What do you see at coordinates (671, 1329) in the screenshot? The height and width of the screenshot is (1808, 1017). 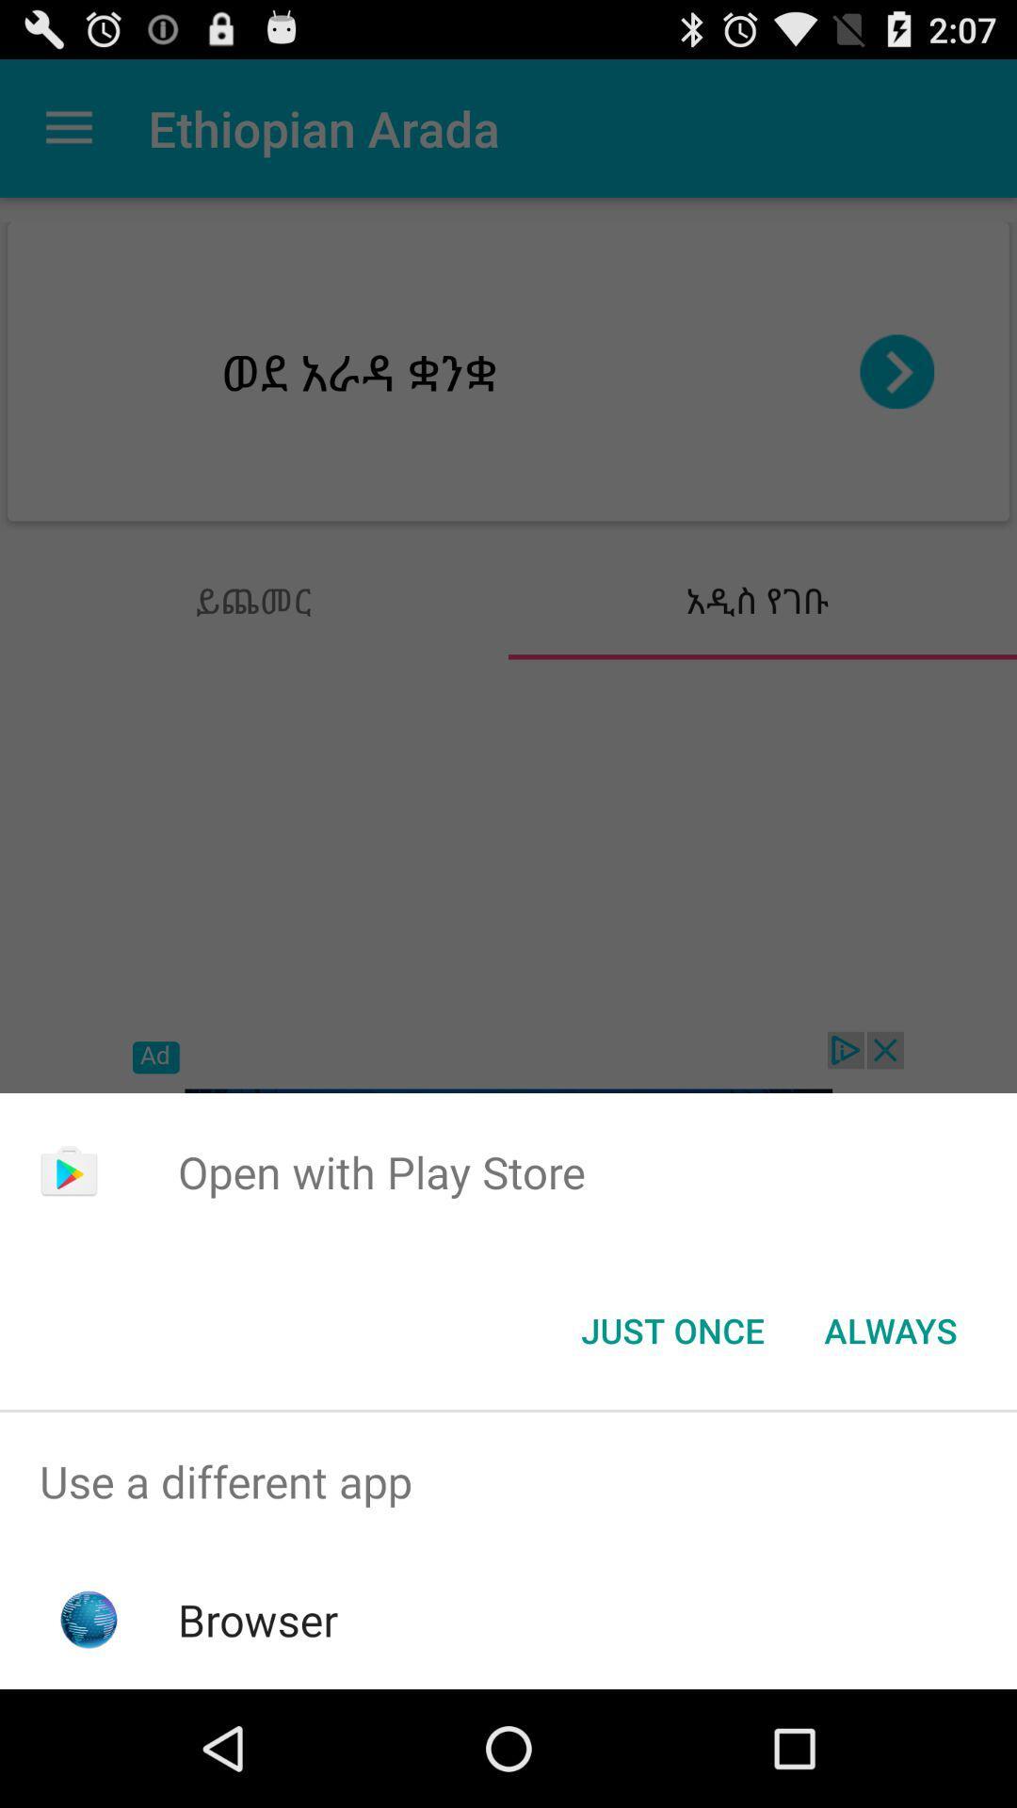 I see `the button next to always` at bounding box center [671, 1329].